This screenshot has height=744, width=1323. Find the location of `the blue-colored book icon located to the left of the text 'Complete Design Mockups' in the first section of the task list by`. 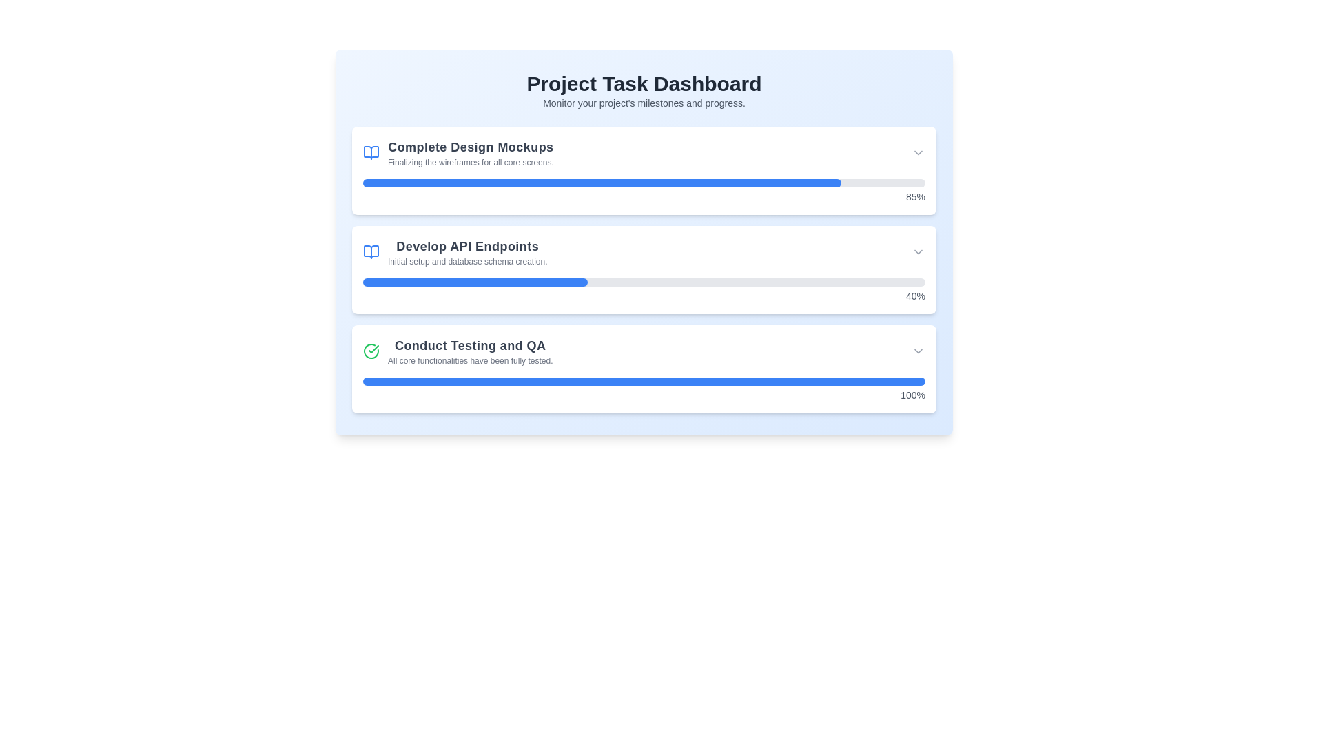

the blue-colored book icon located to the left of the text 'Complete Design Mockups' in the first section of the task list by is located at coordinates (371, 153).